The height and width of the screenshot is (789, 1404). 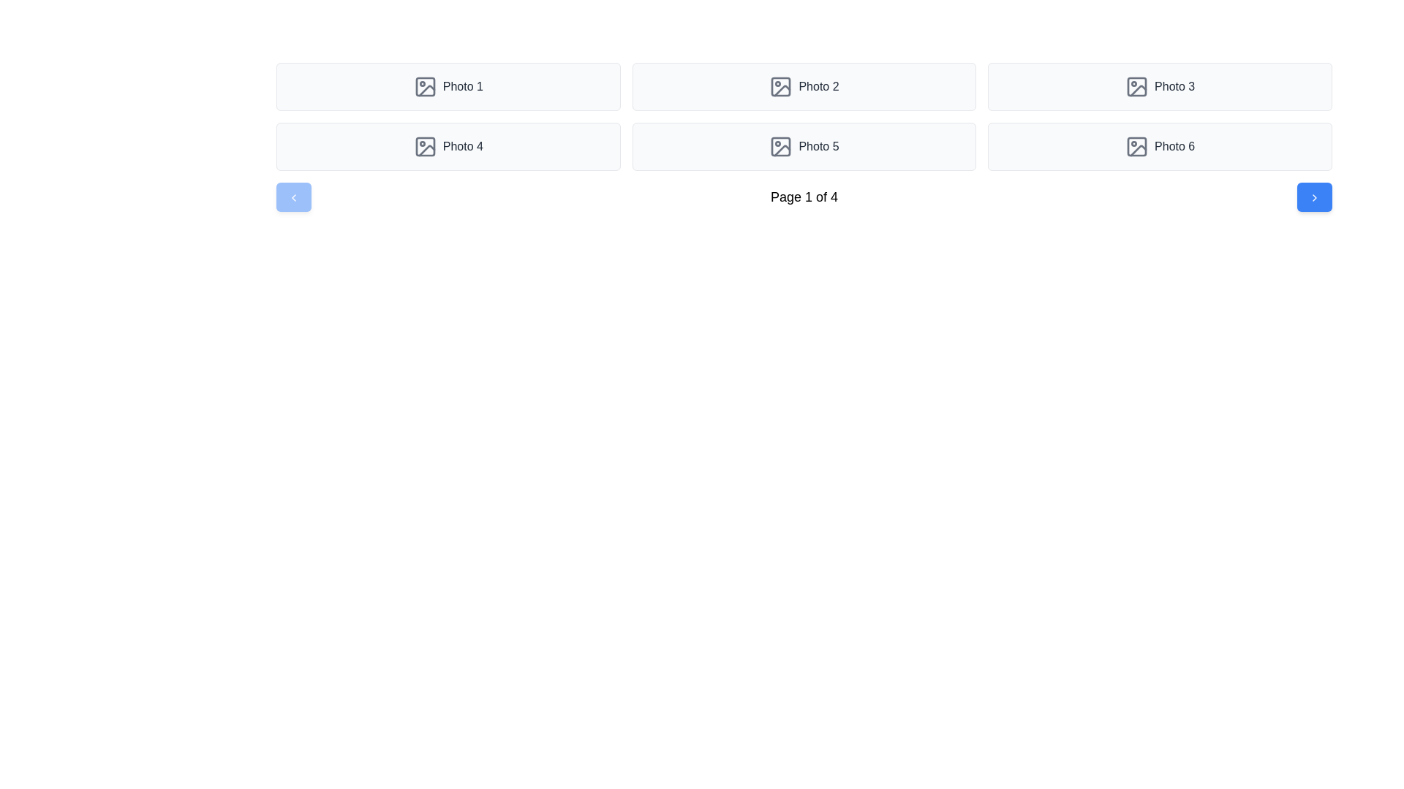 What do you see at coordinates (448, 146) in the screenshot?
I see `the label 'Photo 4' and the associated picture icon on the card component with a light gray background, located in the second row of the grid layout` at bounding box center [448, 146].